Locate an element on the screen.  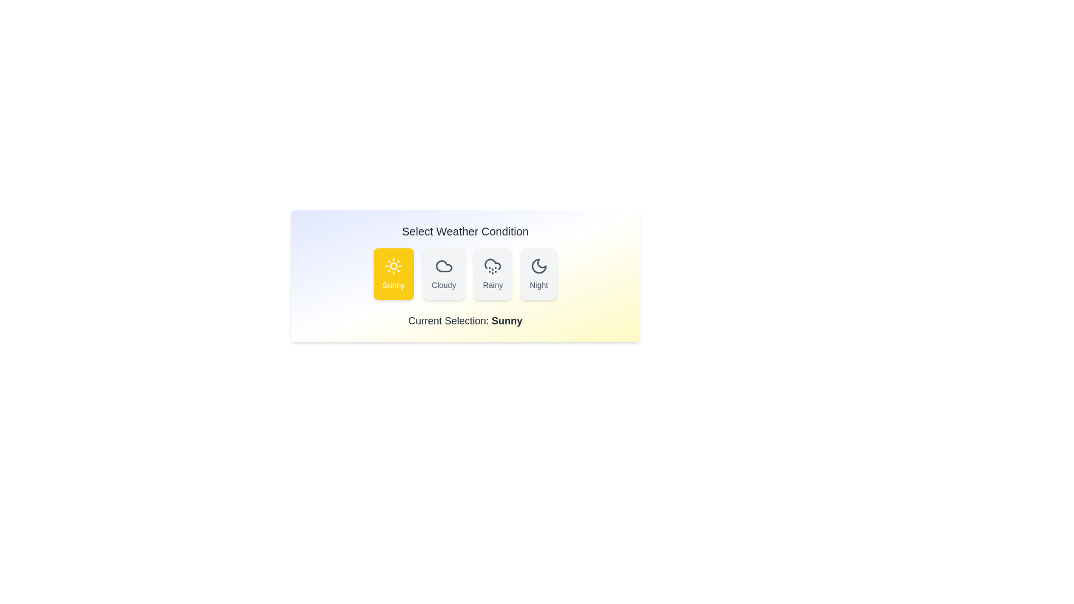
the weather button Cloudy to observe its hover effect is located at coordinates (443, 273).